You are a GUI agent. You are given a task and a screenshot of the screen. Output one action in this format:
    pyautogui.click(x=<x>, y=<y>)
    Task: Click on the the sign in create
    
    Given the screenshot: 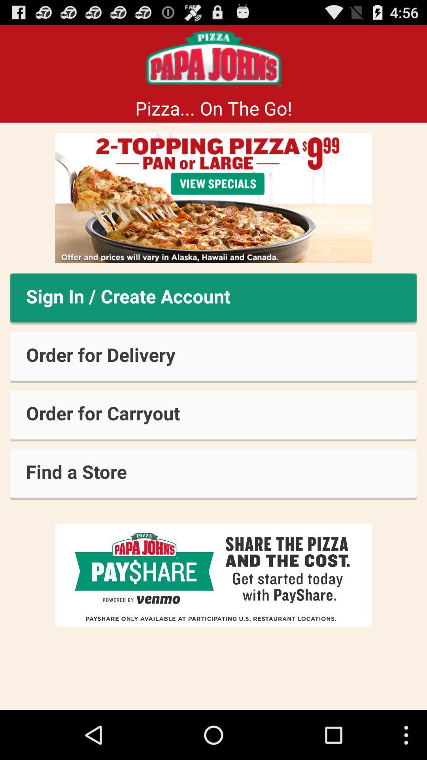 What is the action you would take?
    pyautogui.click(x=213, y=298)
    